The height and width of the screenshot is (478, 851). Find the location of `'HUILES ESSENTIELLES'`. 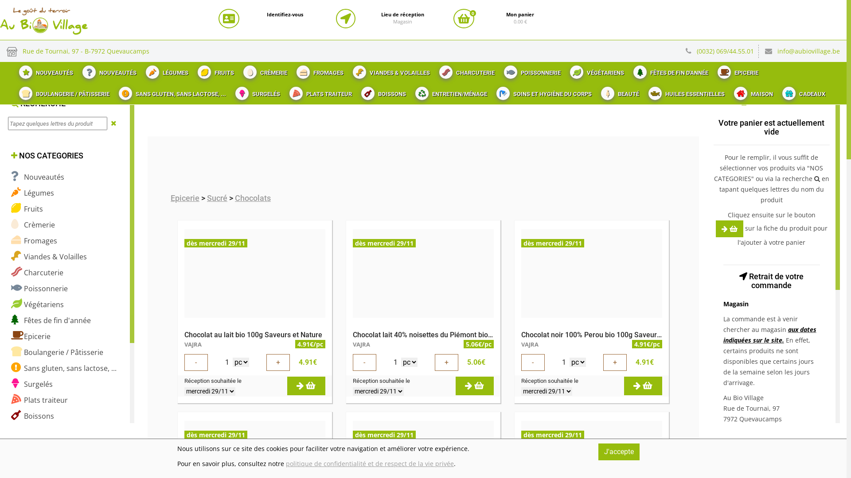

'HUILES ESSENTIELLES' is located at coordinates (685, 92).